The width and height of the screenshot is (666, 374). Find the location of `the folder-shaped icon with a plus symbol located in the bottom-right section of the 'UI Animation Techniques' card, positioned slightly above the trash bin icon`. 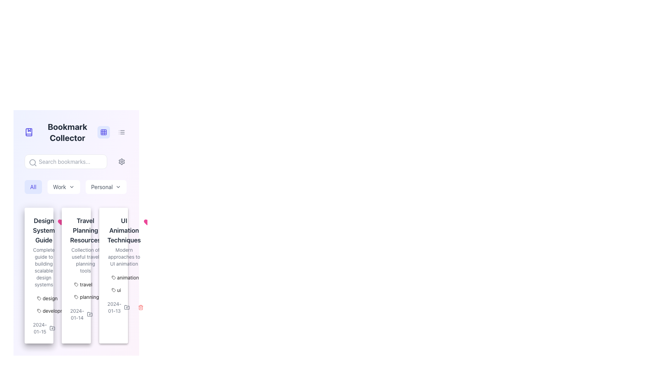

the folder-shaped icon with a plus symbol located in the bottom-right section of the 'UI Animation Techniques' card, positioned slightly above the trash bin icon is located at coordinates (127, 307).